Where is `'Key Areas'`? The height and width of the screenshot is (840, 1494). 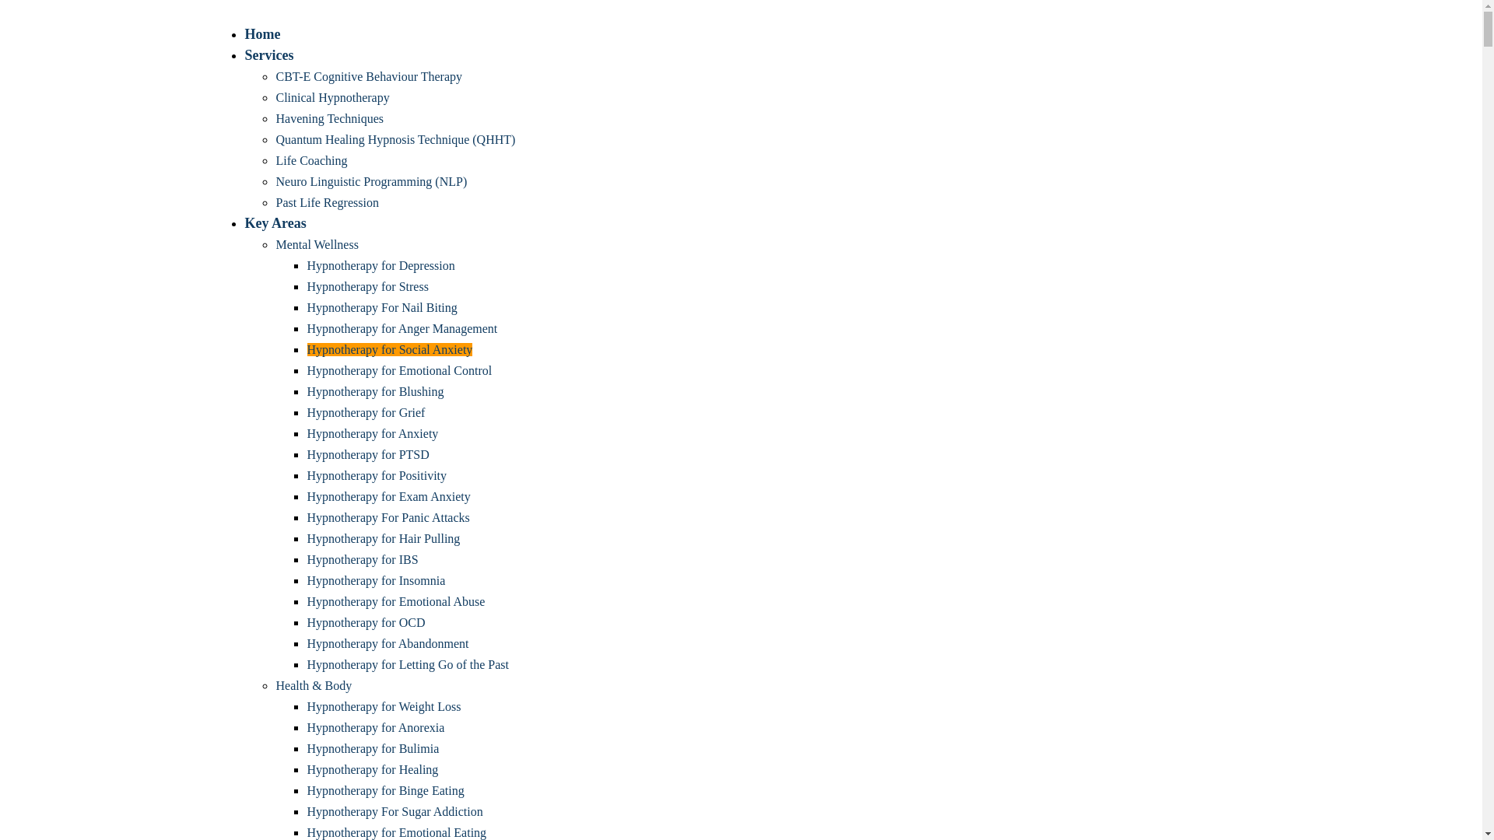
'Key Areas' is located at coordinates (275, 222).